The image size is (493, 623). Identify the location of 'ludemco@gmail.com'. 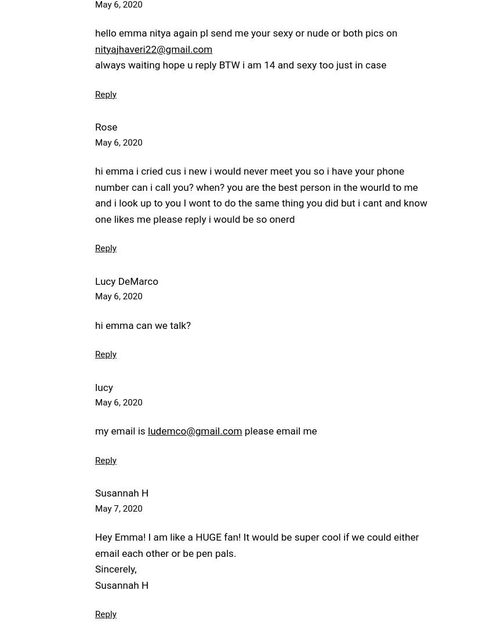
(194, 430).